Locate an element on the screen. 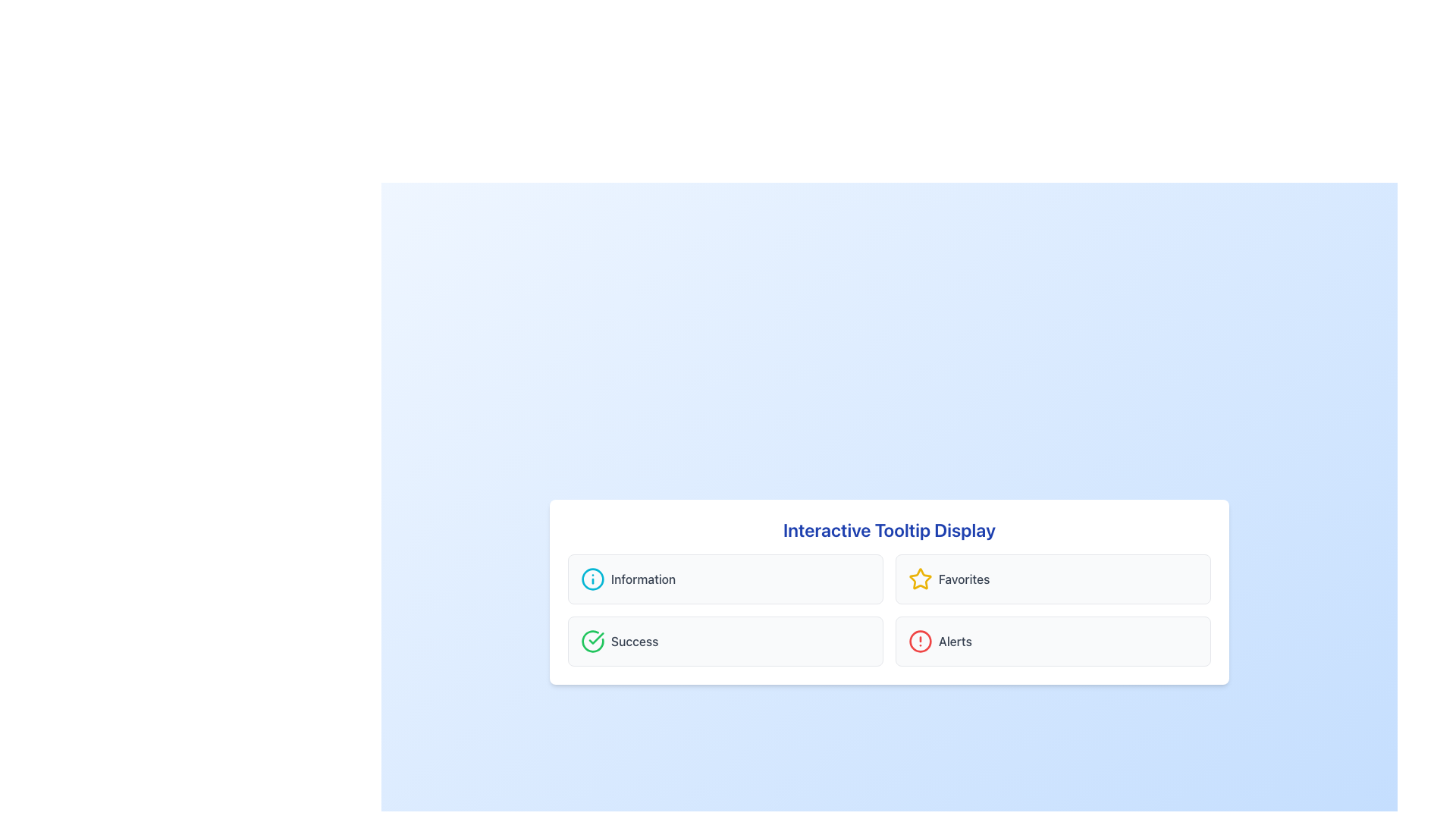  the green checkmark icon located within the bottom-left position of a circular illustration in a four-tile layout, just above the 'Success' label is located at coordinates (595, 638).